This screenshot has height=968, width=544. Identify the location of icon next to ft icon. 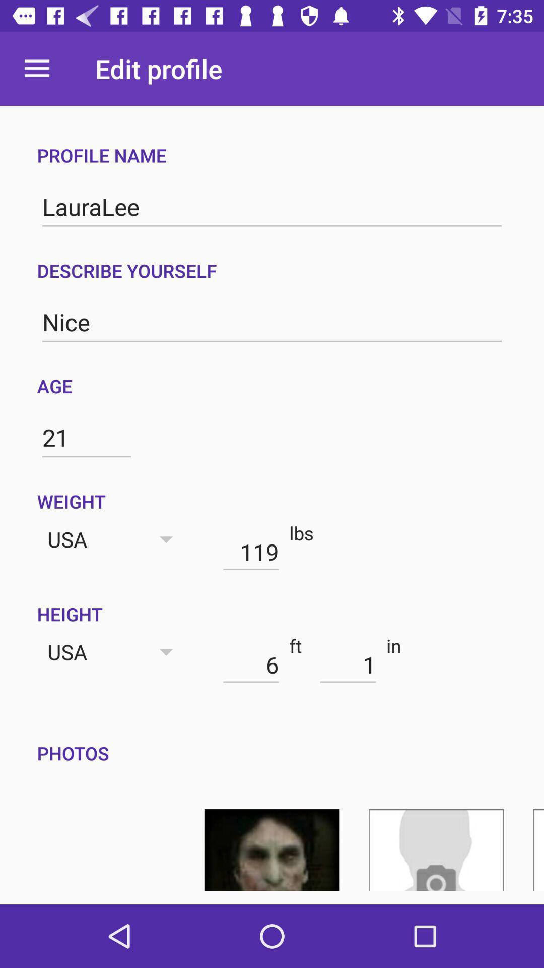
(348, 664).